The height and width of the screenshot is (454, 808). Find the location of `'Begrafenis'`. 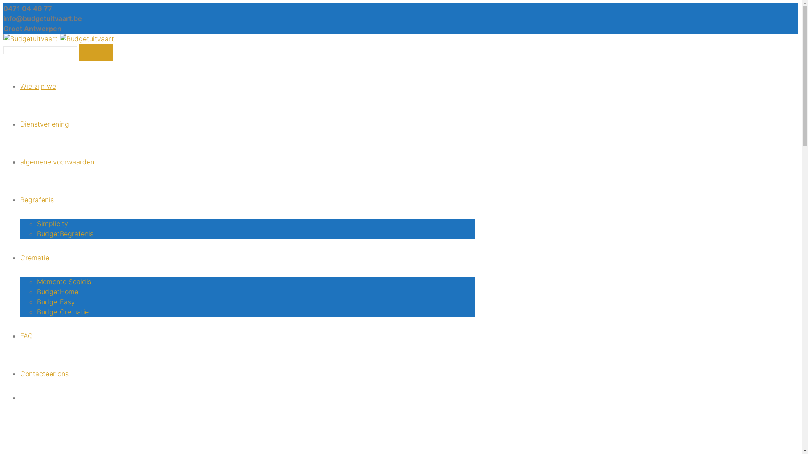

'Begrafenis' is located at coordinates (36, 199).